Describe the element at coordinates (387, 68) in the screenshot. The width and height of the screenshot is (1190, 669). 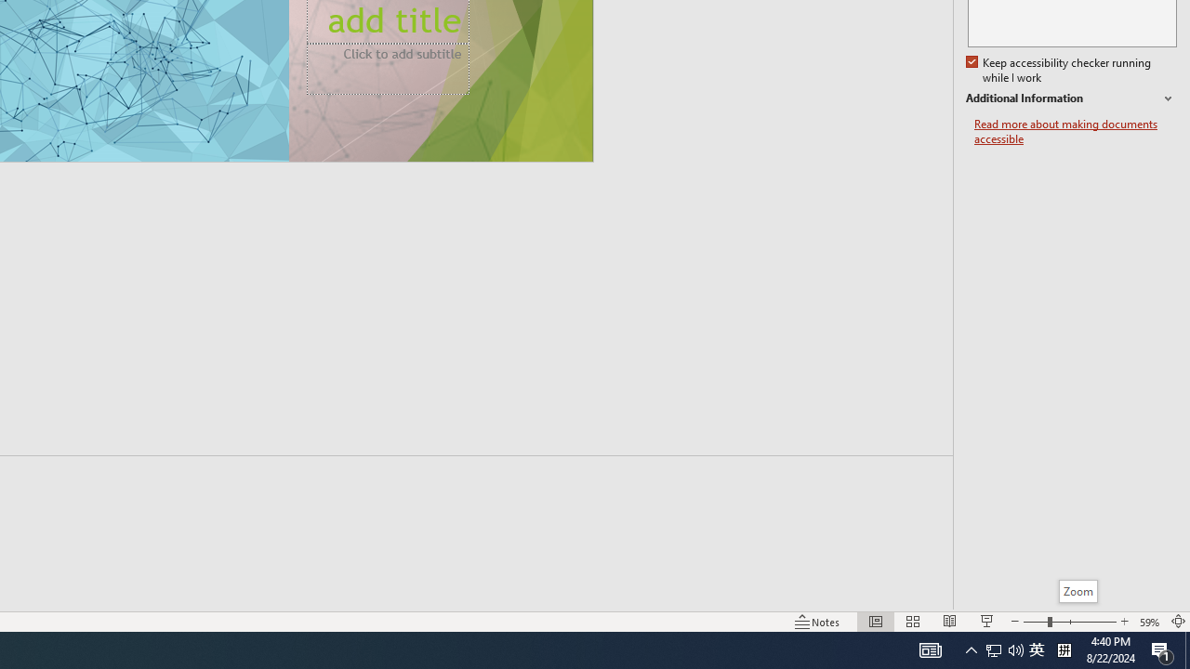
I see `'Subtitle TextBox'` at that location.